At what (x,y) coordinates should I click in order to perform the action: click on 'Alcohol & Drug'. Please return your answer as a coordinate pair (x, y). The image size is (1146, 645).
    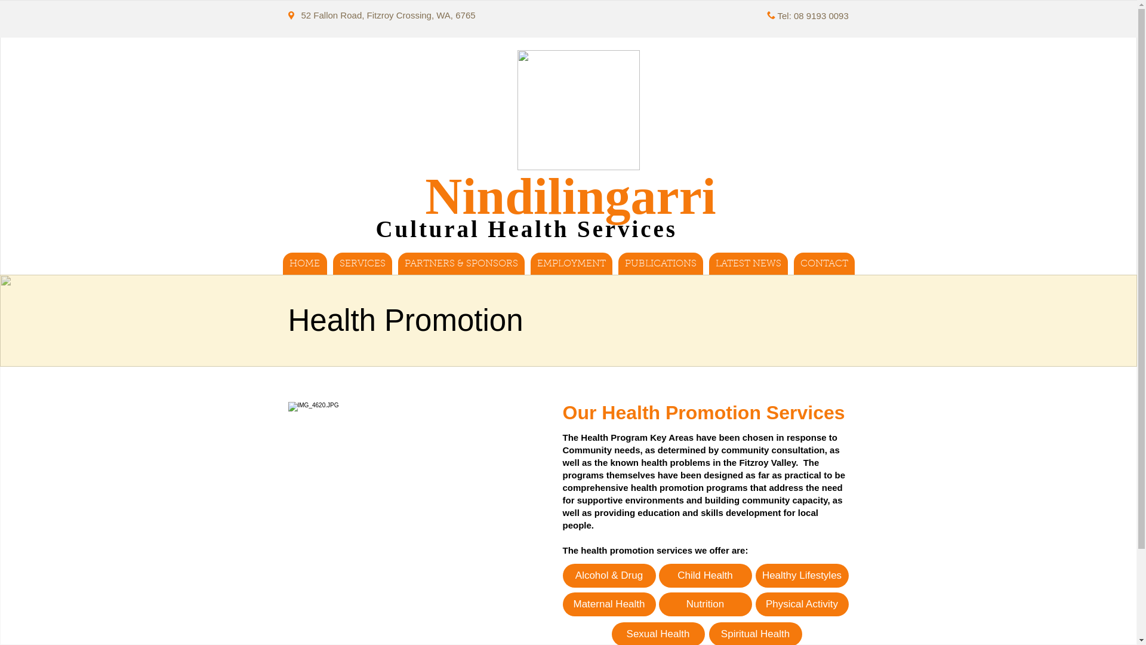
    Looking at the image, I should click on (561, 575).